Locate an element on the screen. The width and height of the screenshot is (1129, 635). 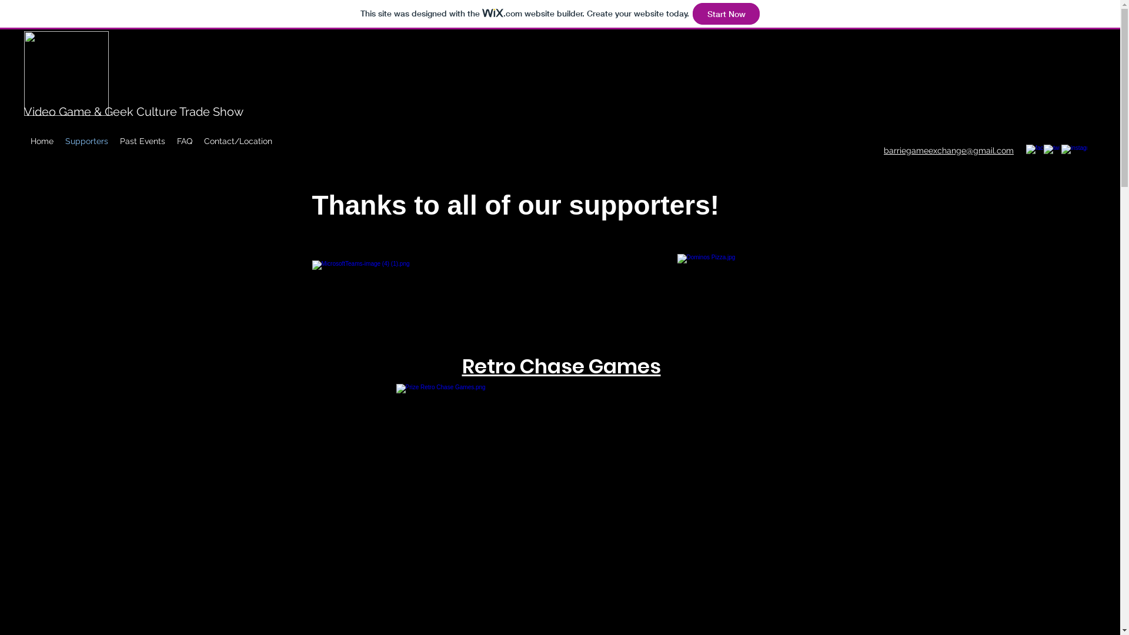
'Contact/Location' is located at coordinates (237, 140).